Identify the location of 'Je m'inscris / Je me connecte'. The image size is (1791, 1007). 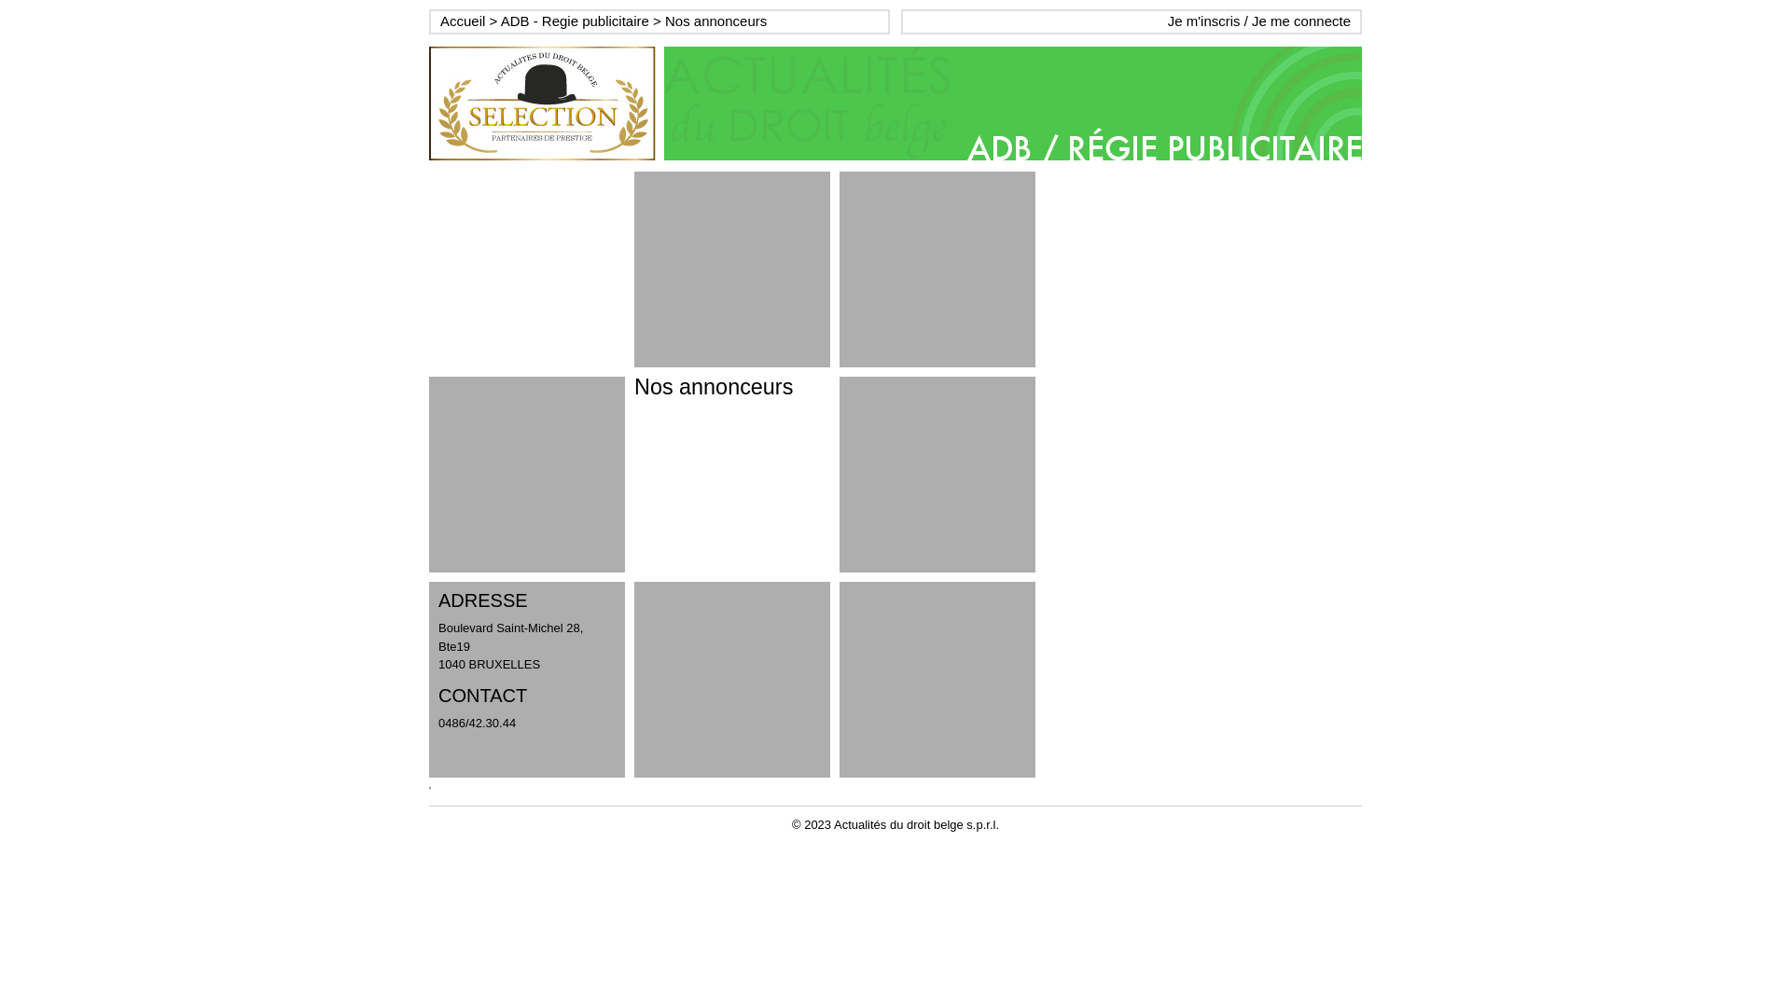
(1258, 21).